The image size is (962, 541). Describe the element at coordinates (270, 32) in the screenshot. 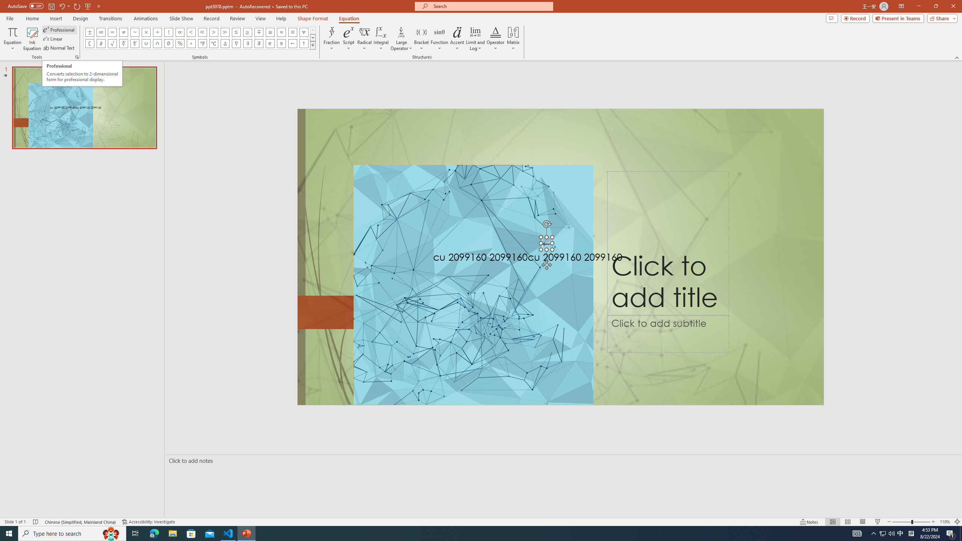

I see `'Equation Symbol Approximately Equal To'` at that location.